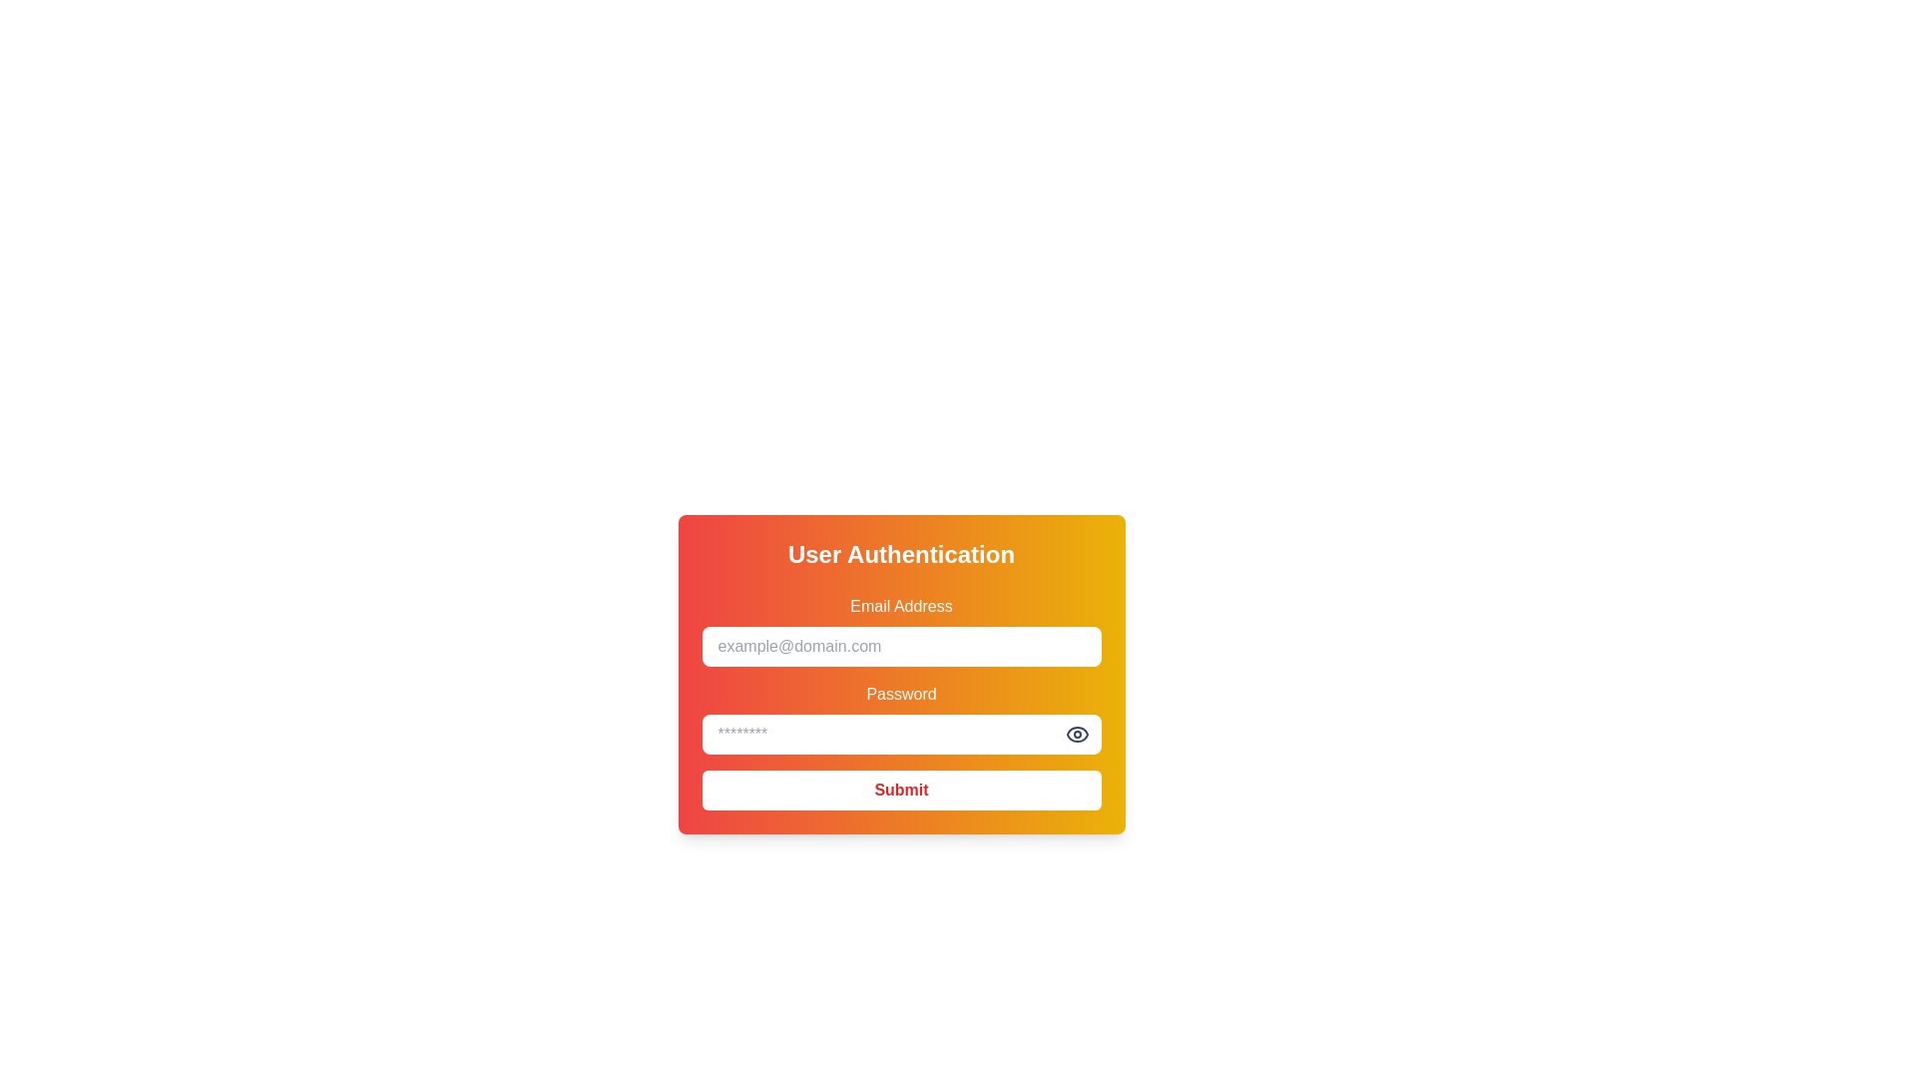 The width and height of the screenshot is (1916, 1078). Describe the element at coordinates (1076, 735) in the screenshot. I see `the icon located to the right of the password input box` at that location.